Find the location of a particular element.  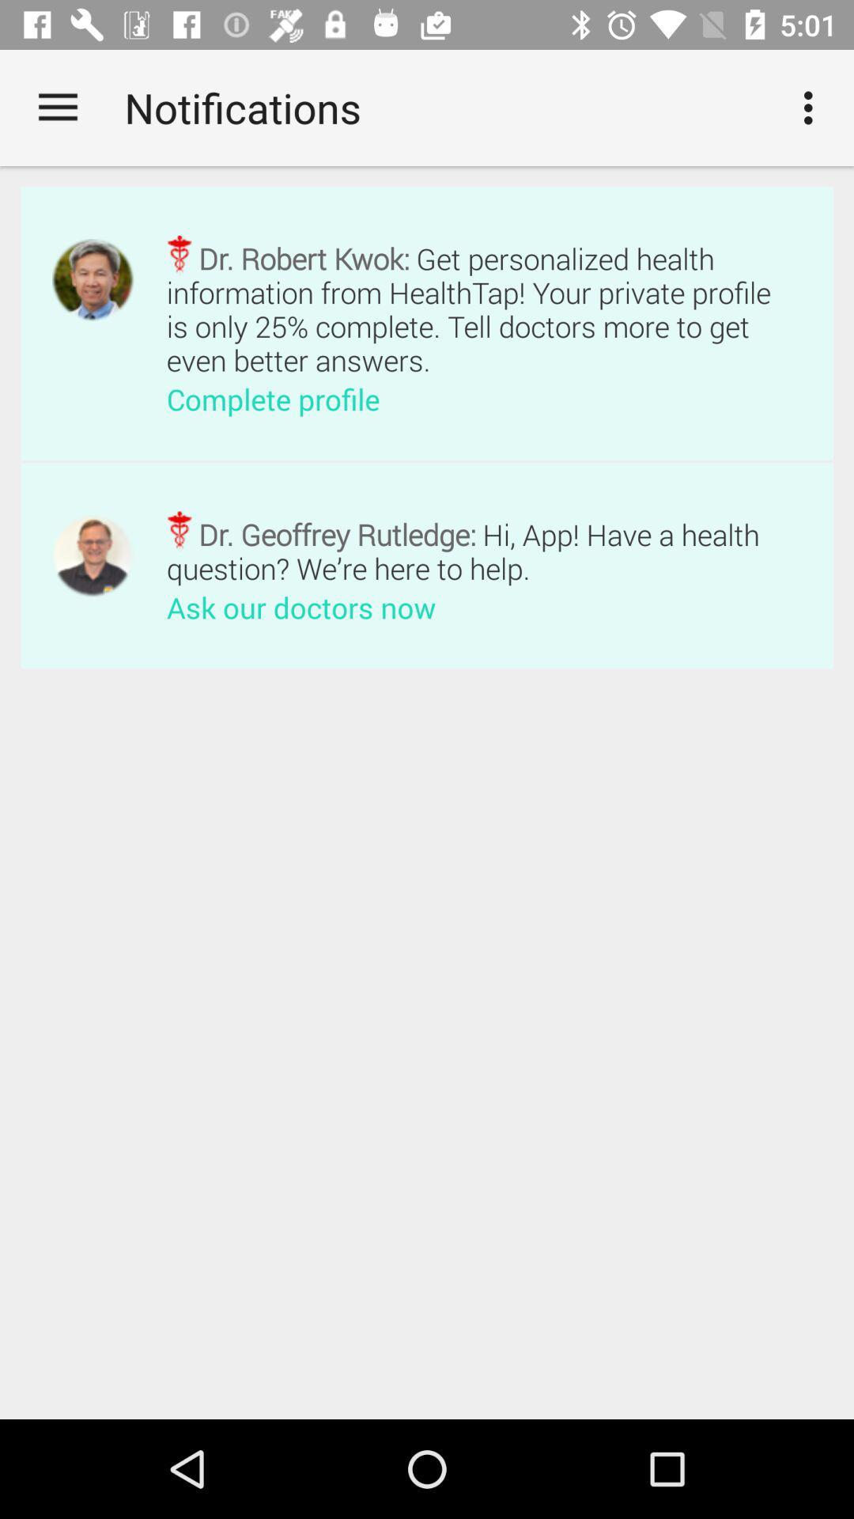

item above the dr robert kwok is located at coordinates (812, 107).